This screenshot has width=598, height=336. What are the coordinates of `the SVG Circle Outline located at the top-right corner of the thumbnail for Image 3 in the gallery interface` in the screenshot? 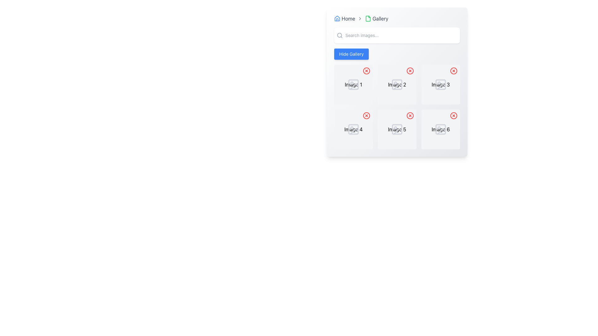 It's located at (454, 70).